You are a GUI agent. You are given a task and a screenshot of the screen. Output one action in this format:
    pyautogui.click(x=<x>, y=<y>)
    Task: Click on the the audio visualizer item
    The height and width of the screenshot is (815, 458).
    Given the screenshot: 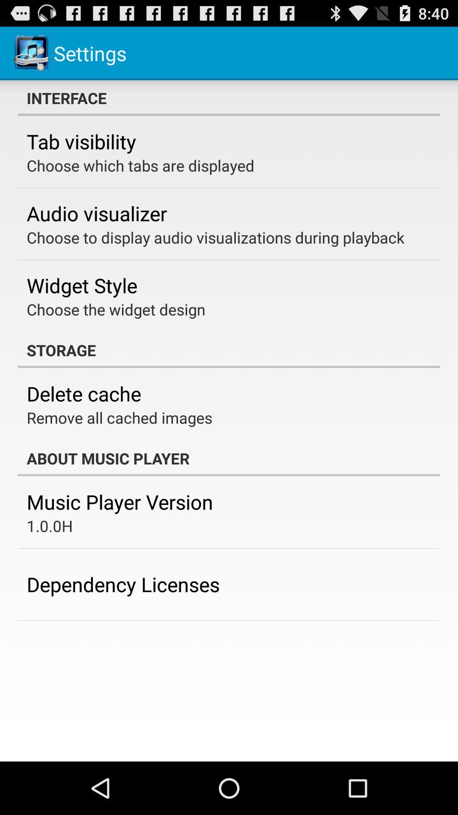 What is the action you would take?
    pyautogui.click(x=96, y=213)
    